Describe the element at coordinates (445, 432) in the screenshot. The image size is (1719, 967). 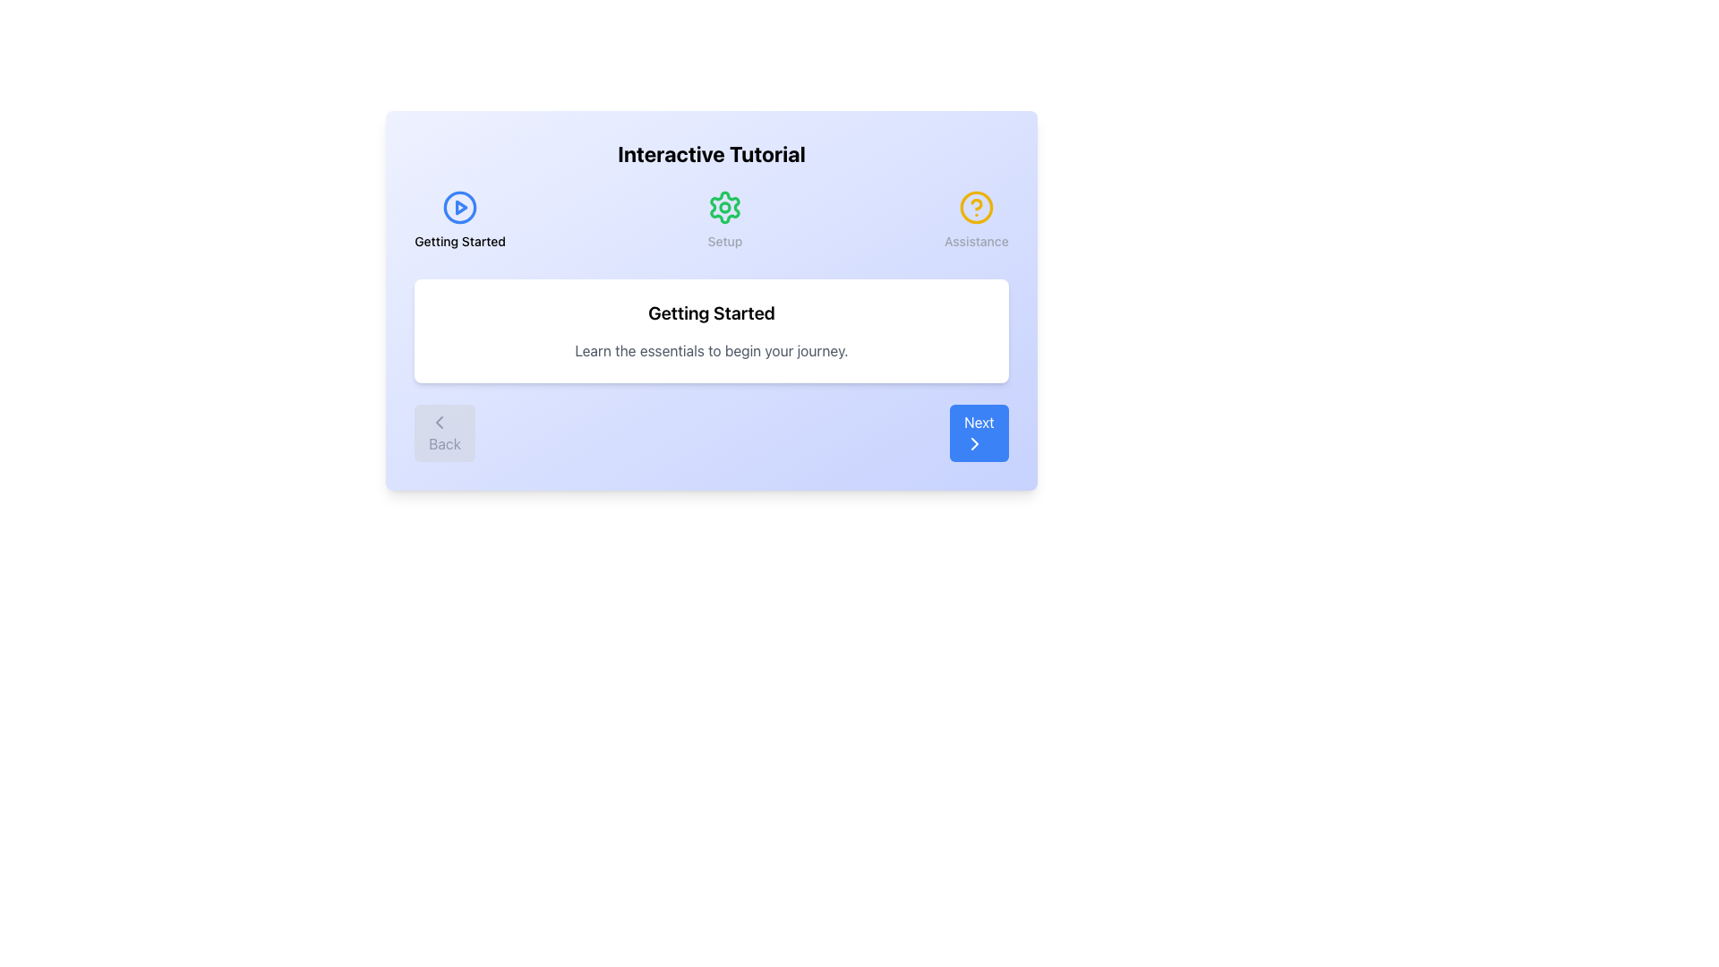
I see `the 'Back' button with a gray background and rounded corners, which is the leftmost button in the horizontal layout at the bottom of the card interface` at that location.